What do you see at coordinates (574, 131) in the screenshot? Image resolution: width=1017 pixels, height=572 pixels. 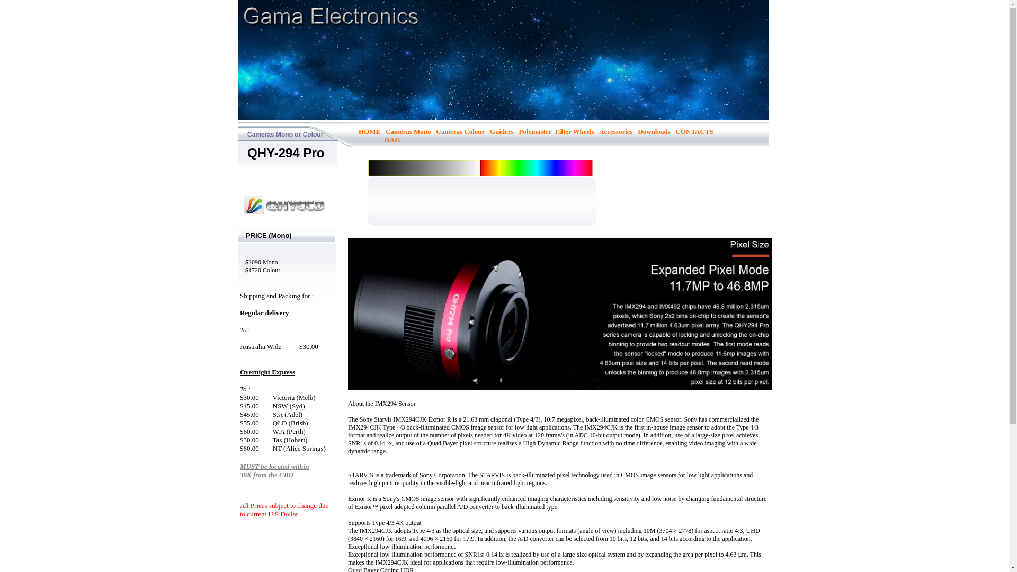 I see `'Filter Wheels'` at bounding box center [574, 131].